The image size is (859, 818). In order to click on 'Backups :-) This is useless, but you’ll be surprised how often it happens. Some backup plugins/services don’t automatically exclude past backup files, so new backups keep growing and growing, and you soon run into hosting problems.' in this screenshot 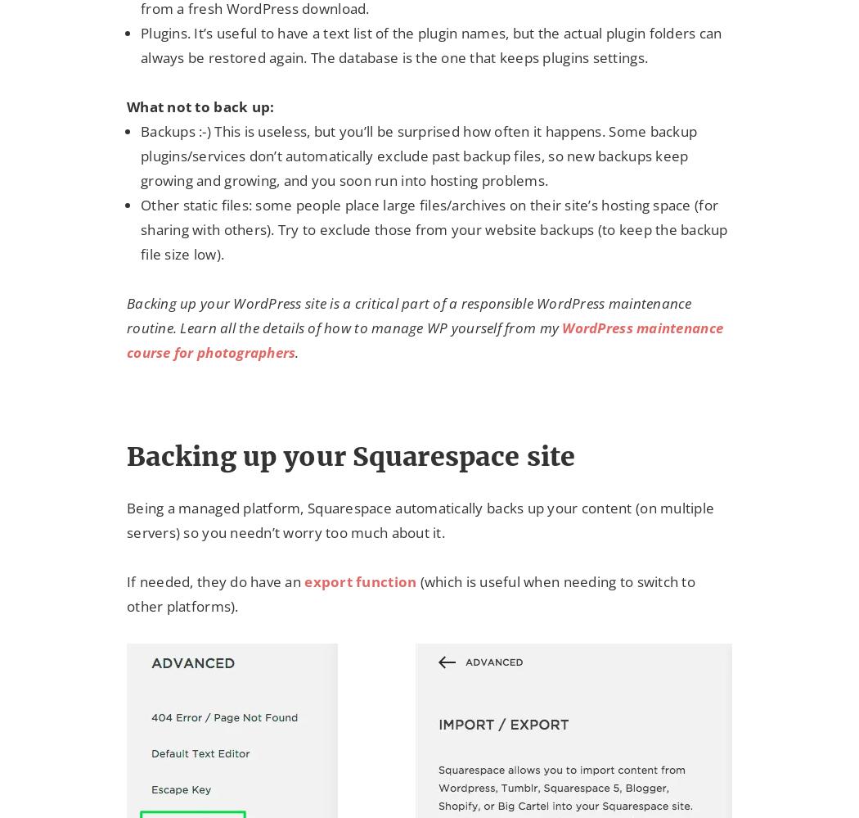, I will do `click(417, 154)`.